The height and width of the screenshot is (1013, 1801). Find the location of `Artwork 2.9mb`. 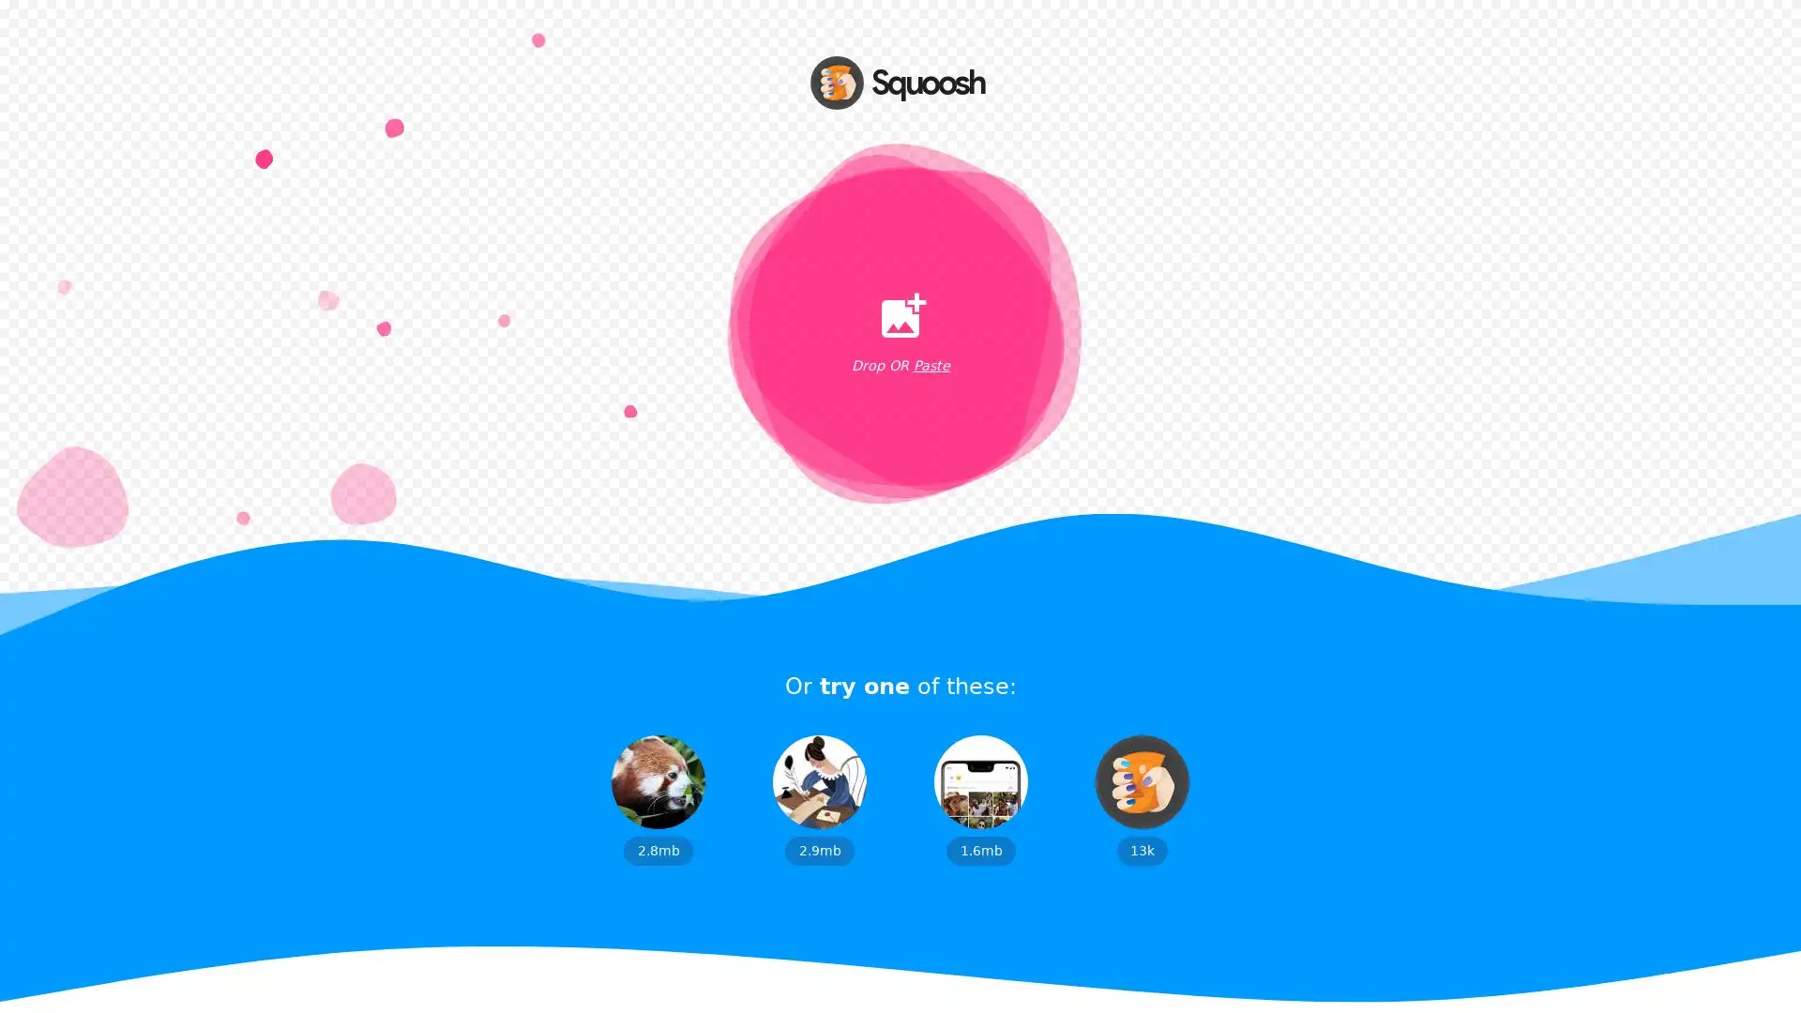

Artwork 2.9mb is located at coordinates (819, 799).